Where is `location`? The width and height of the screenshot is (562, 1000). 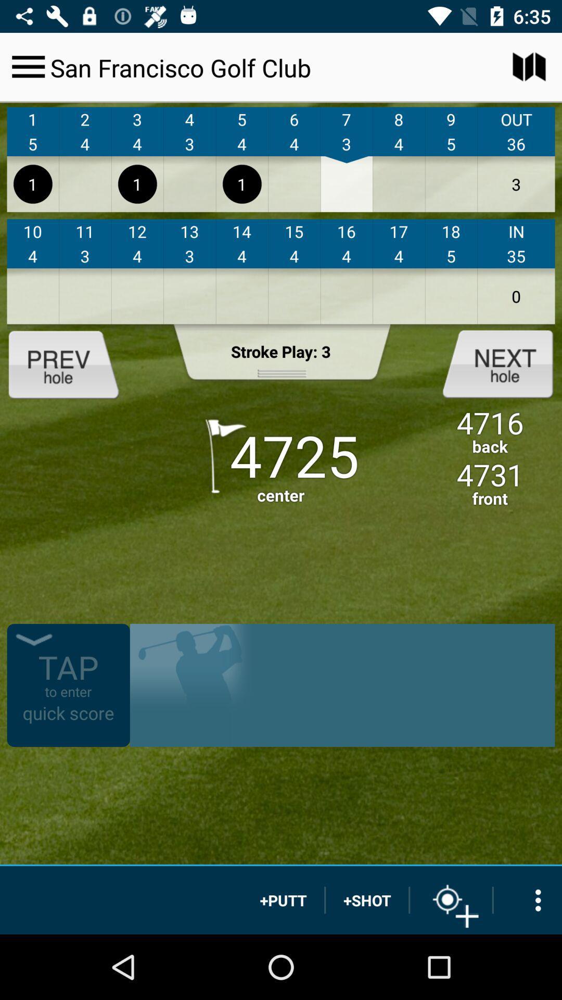 location is located at coordinates (451, 899).